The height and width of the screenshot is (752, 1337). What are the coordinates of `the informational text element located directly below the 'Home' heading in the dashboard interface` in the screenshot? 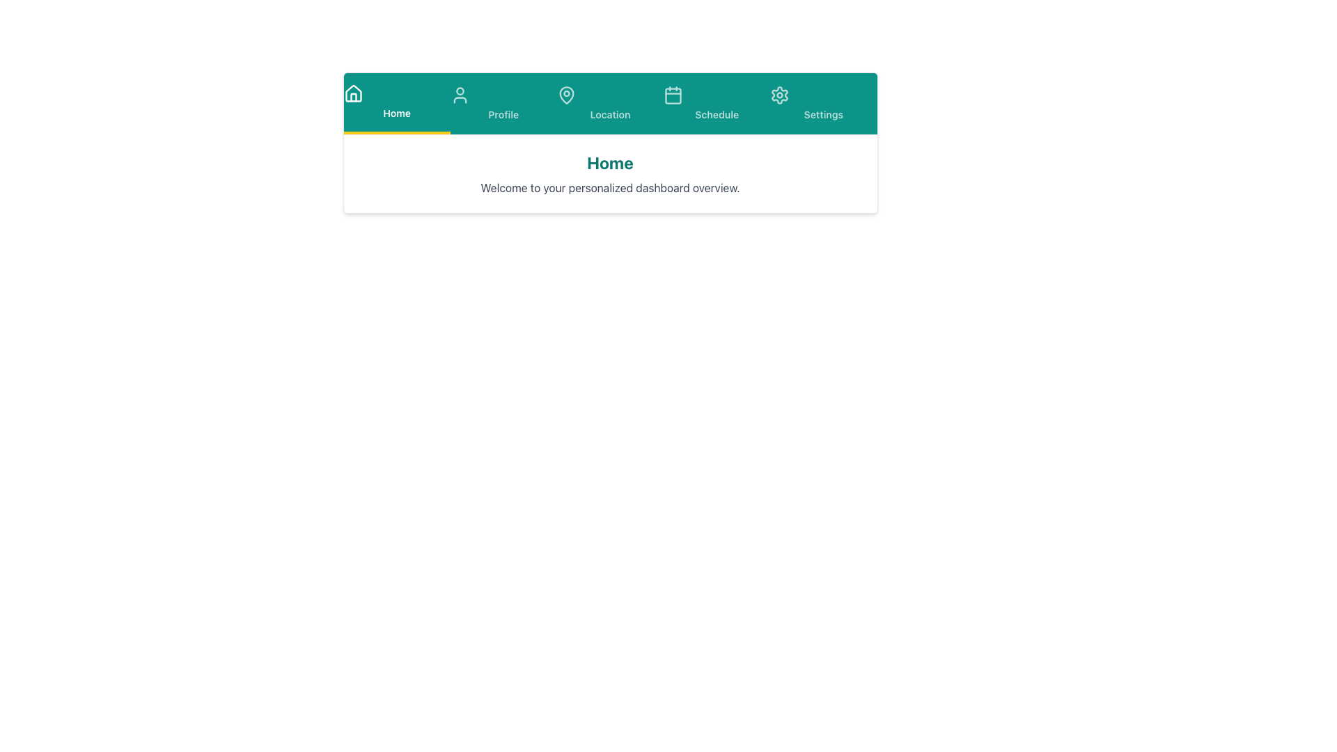 It's located at (610, 188).